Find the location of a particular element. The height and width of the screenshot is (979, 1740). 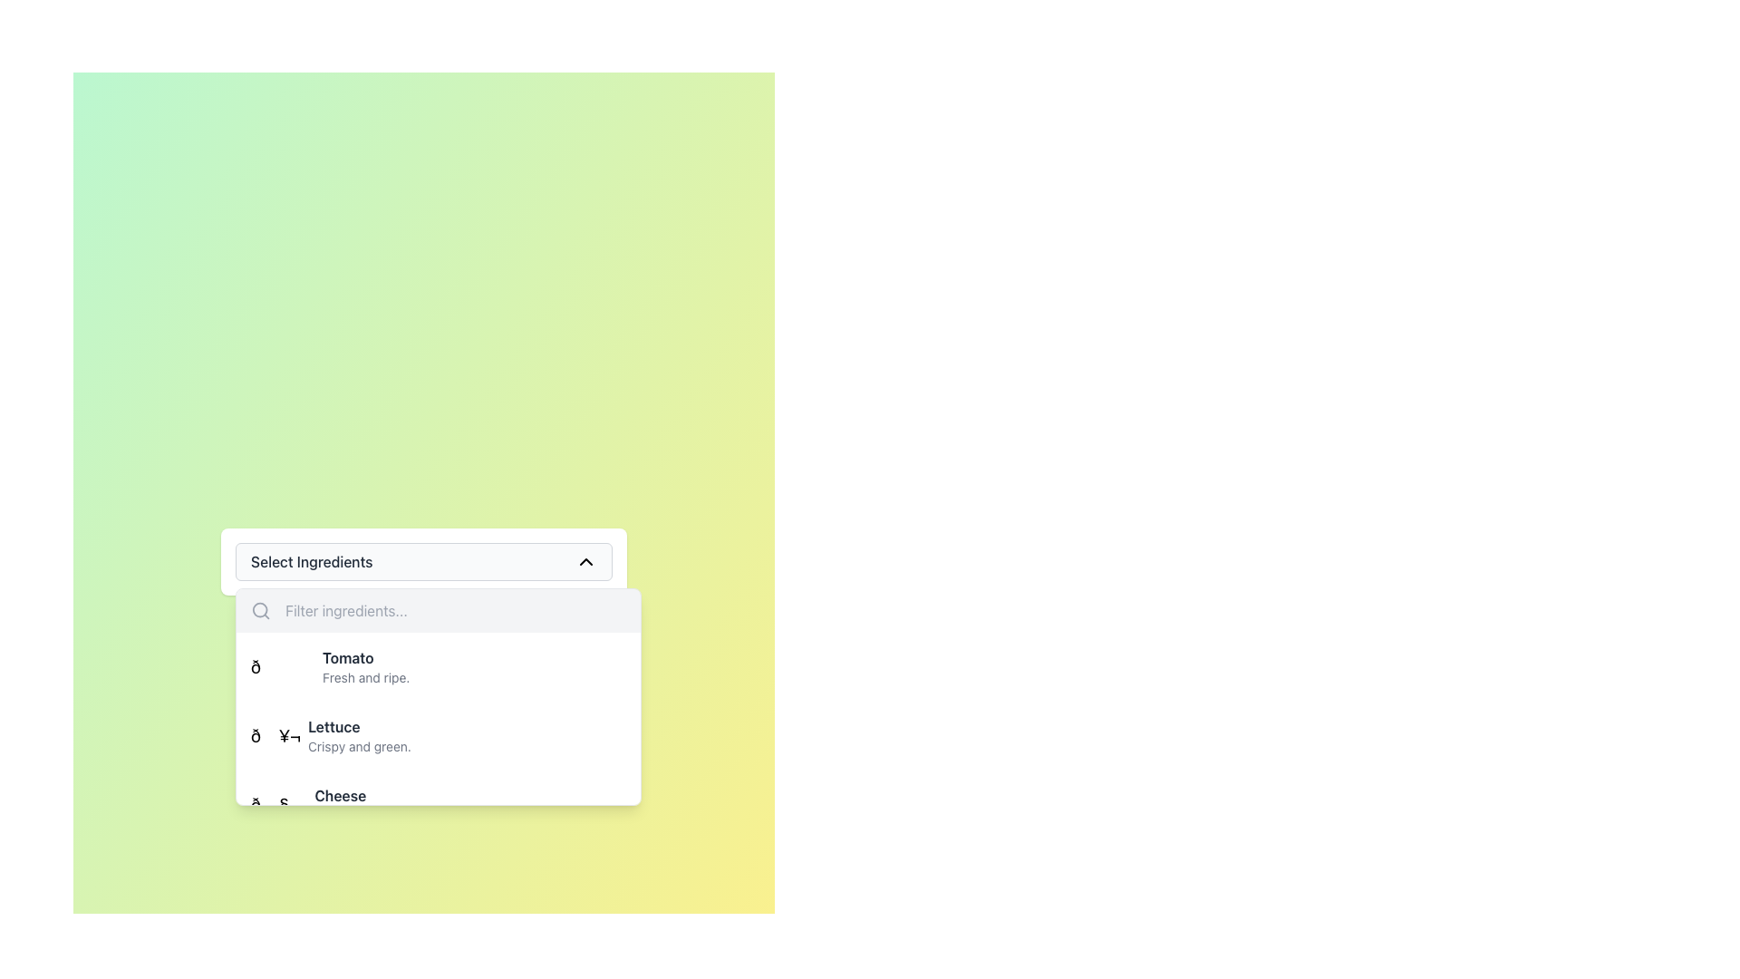

the third item in the dropdown menu representing 'Cheese' is located at coordinates (343, 803).